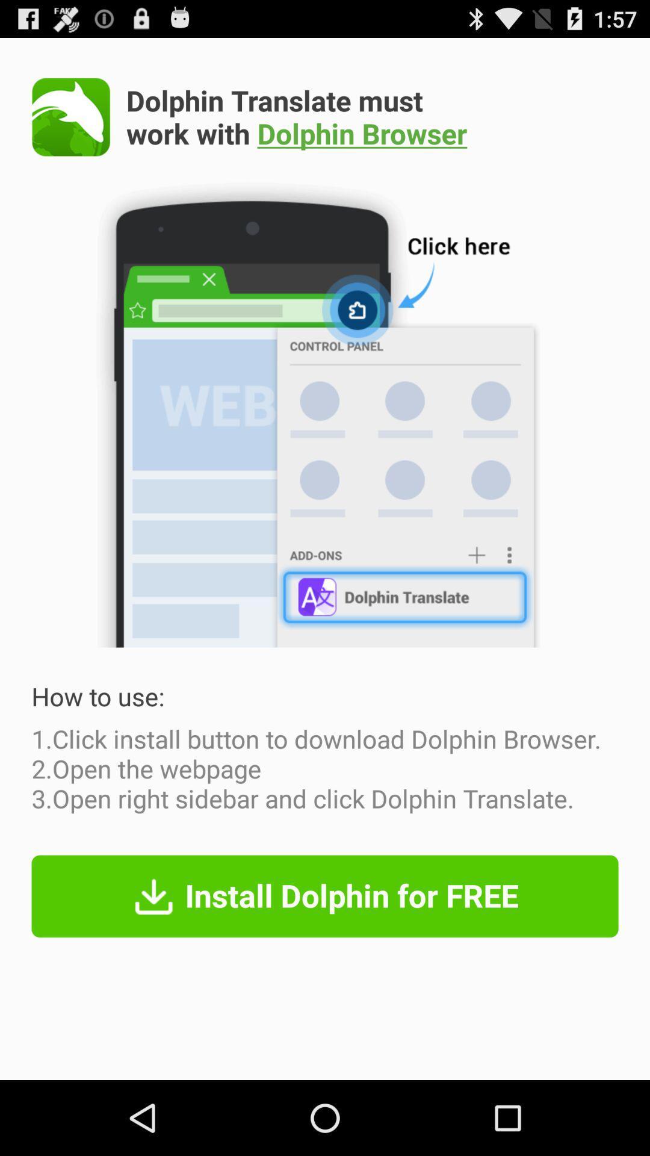  What do you see at coordinates (71, 117) in the screenshot?
I see `browser` at bounding box center [71, 117].